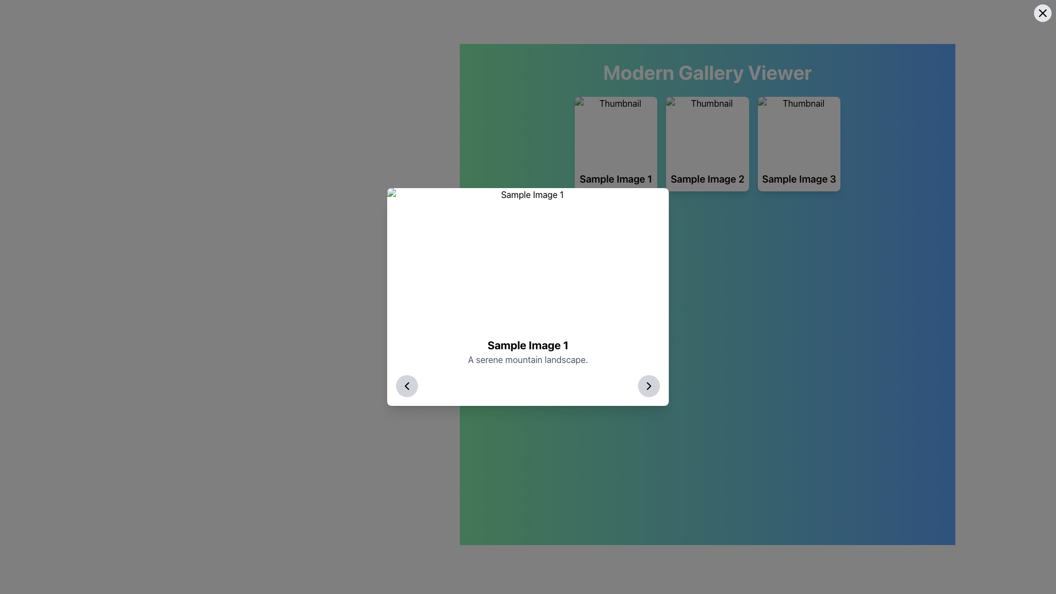 This screenshot has width=1056, height=594. Describe the element at coordinates (614, 131) in the screenshot. I see `the thumbnail representing 'Sample Image 1', which is the leftmost thumbnail in the row of cards` at that location.